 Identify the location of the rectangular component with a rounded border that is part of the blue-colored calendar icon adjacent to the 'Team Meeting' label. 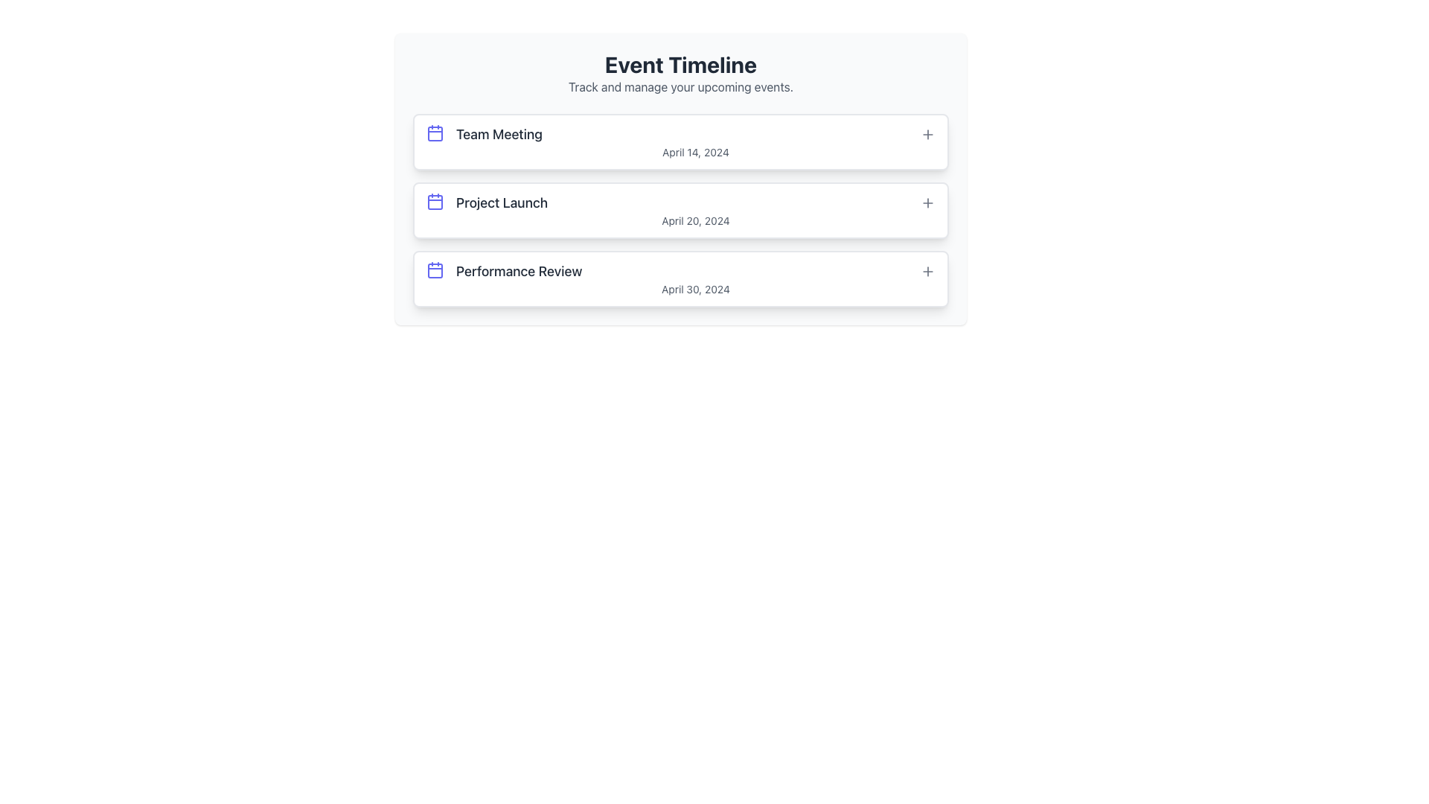
(435, 134).